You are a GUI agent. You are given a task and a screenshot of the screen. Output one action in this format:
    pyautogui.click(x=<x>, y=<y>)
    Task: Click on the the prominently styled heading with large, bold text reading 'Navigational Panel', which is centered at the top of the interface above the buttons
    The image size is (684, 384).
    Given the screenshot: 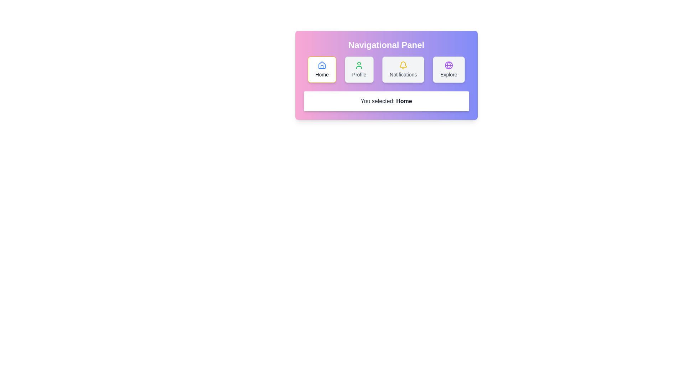 What is the action you would take?
    pyautogui.click(x=386, y=45)
    